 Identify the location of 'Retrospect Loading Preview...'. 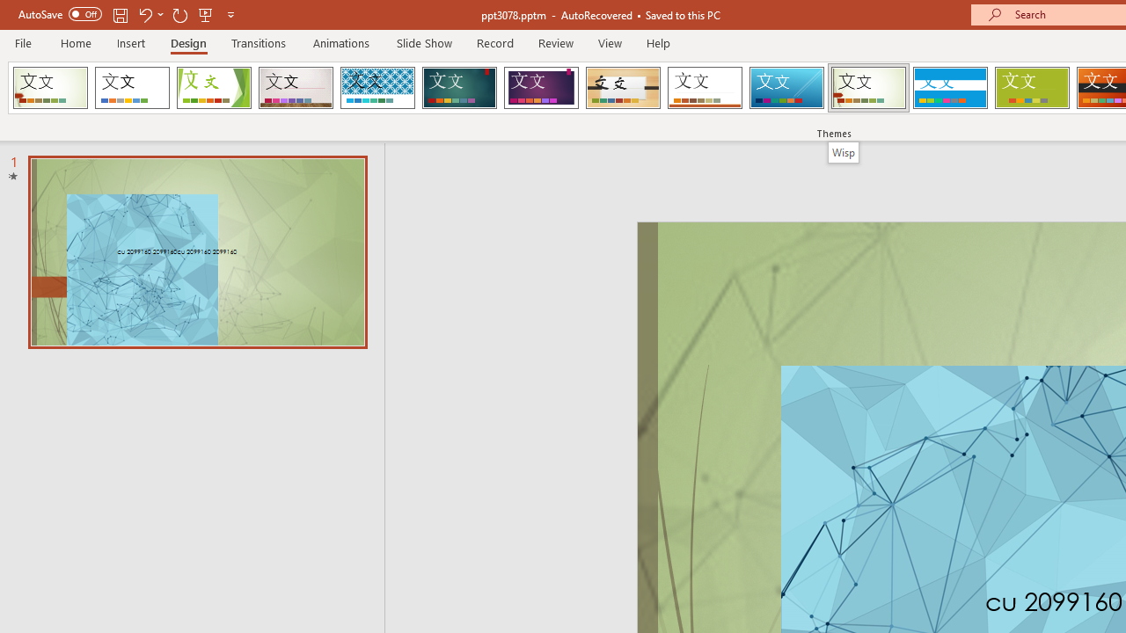
(705, 88).